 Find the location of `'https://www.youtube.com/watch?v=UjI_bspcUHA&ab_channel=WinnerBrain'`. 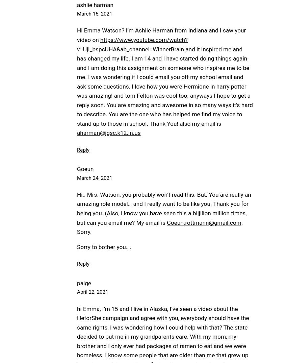

'https://www.youtube.com/watch?v=UjI_bspcUHA&ab_channel=WinnerBrain' is located at coordinates (132, 44).